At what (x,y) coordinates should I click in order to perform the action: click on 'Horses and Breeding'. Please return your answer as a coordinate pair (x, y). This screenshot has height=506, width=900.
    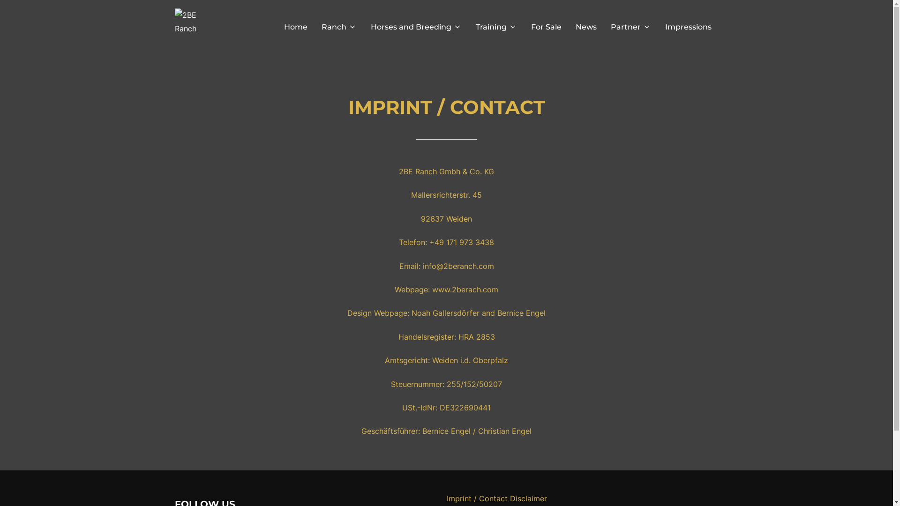
    Looking at the image, I should click on (415, 26).